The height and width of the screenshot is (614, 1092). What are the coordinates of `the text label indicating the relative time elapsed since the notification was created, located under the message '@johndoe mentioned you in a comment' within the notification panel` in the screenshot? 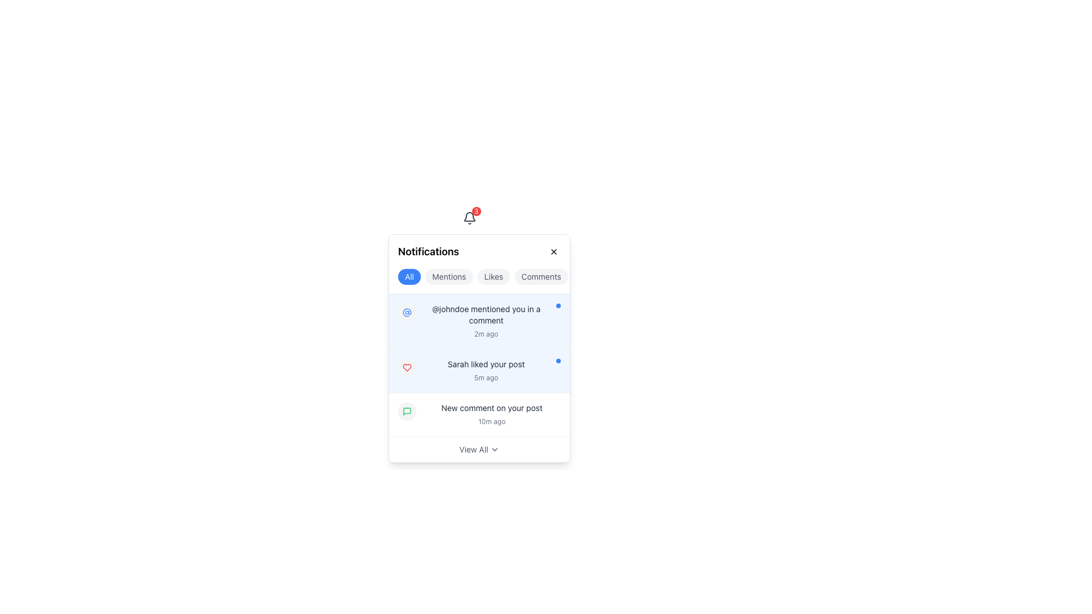 It's located at (486, 333).